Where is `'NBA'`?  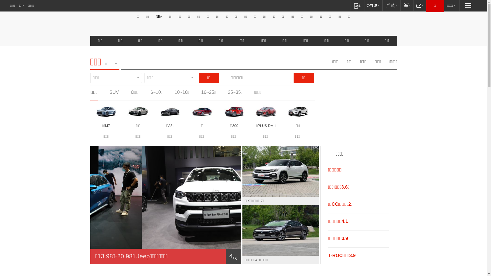 'NBA' is located at coordinates (159, 16).